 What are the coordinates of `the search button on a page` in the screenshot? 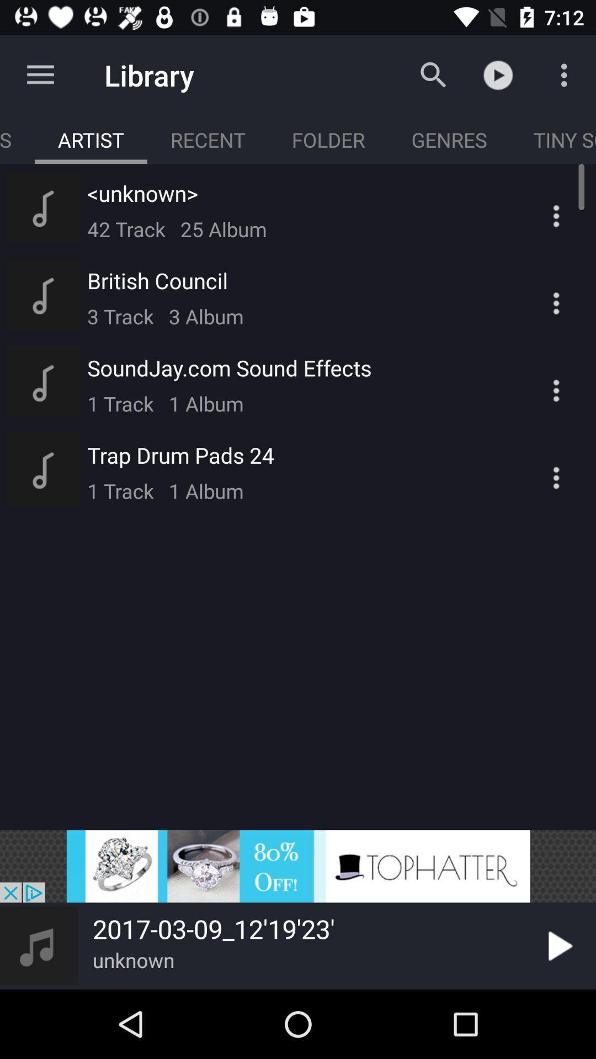 It's located at (433, 75).